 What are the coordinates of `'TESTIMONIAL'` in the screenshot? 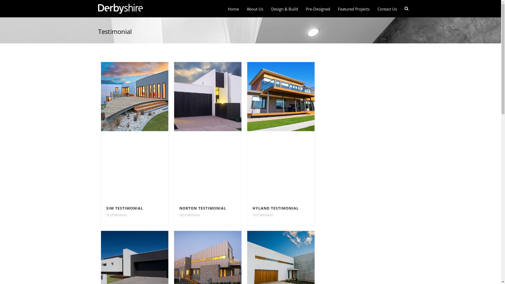 It's located at (263, 215).